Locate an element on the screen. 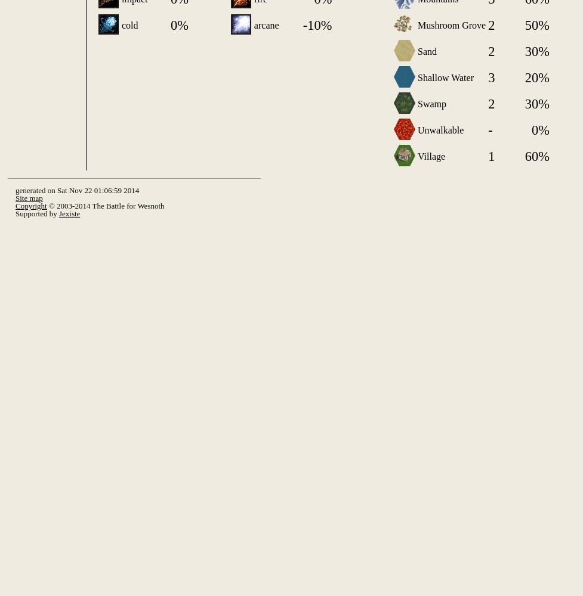  'Jexiste' is located at coordinates (69, 212).